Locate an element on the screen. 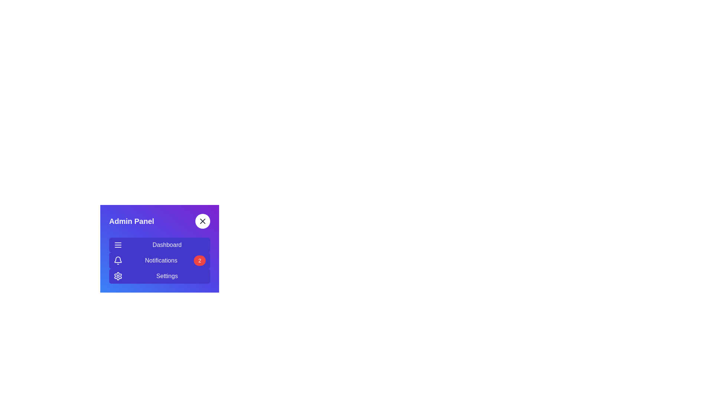 The height and width of the screenshot is (401, 713). the Notifications section in the sidebar menu is located at coordinates (159, 260).